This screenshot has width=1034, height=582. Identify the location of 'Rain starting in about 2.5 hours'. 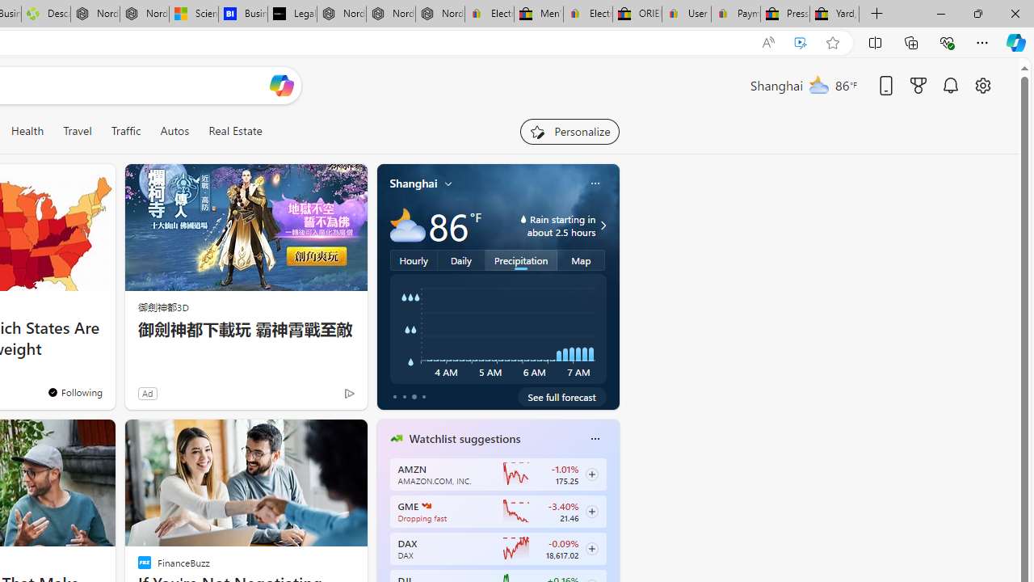
(600, 226).